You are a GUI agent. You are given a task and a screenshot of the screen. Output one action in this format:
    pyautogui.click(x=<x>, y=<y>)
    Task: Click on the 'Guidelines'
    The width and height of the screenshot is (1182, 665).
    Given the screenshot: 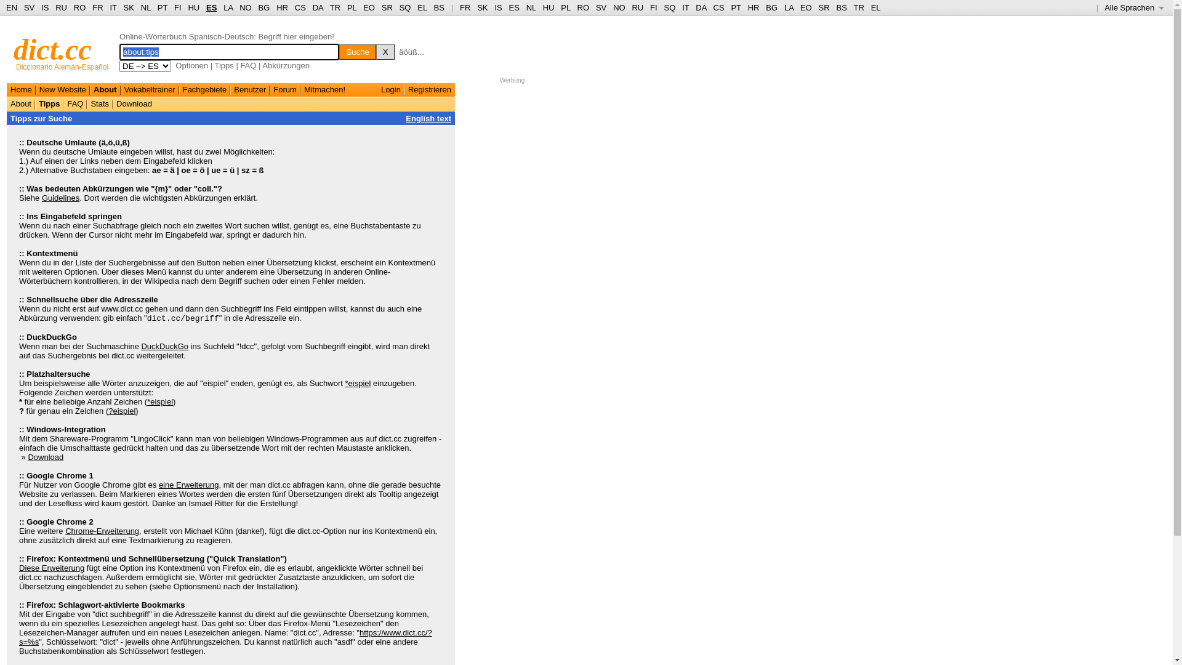 What is the action you would take?
    pyautogui.click(x=60, y=197)
    